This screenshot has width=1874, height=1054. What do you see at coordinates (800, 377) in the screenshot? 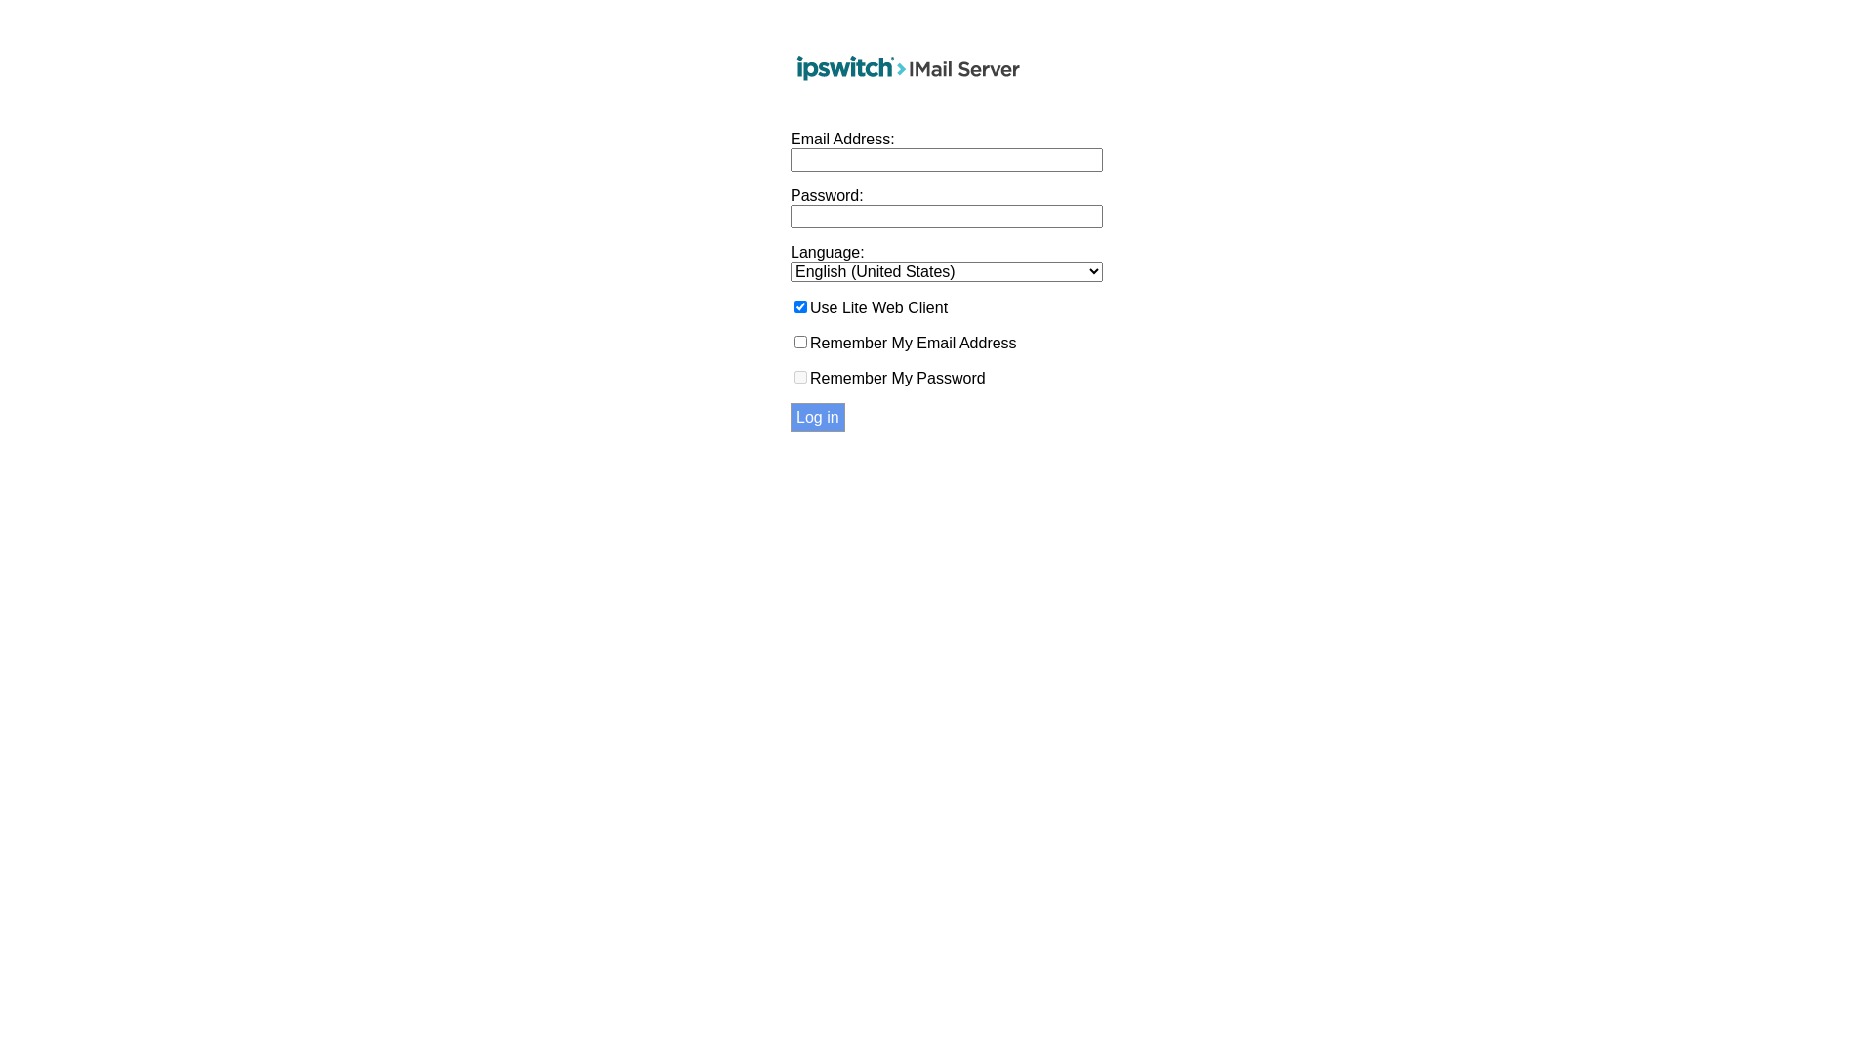
I see `'on'` at bounding box center [800, 377].